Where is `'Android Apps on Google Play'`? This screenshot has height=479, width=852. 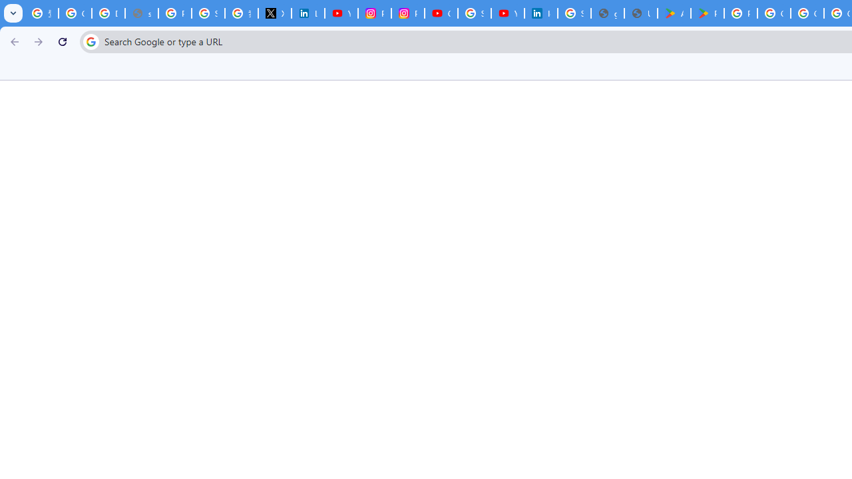
'Android Apps on Google Play' is located at coordinates (674, 13).